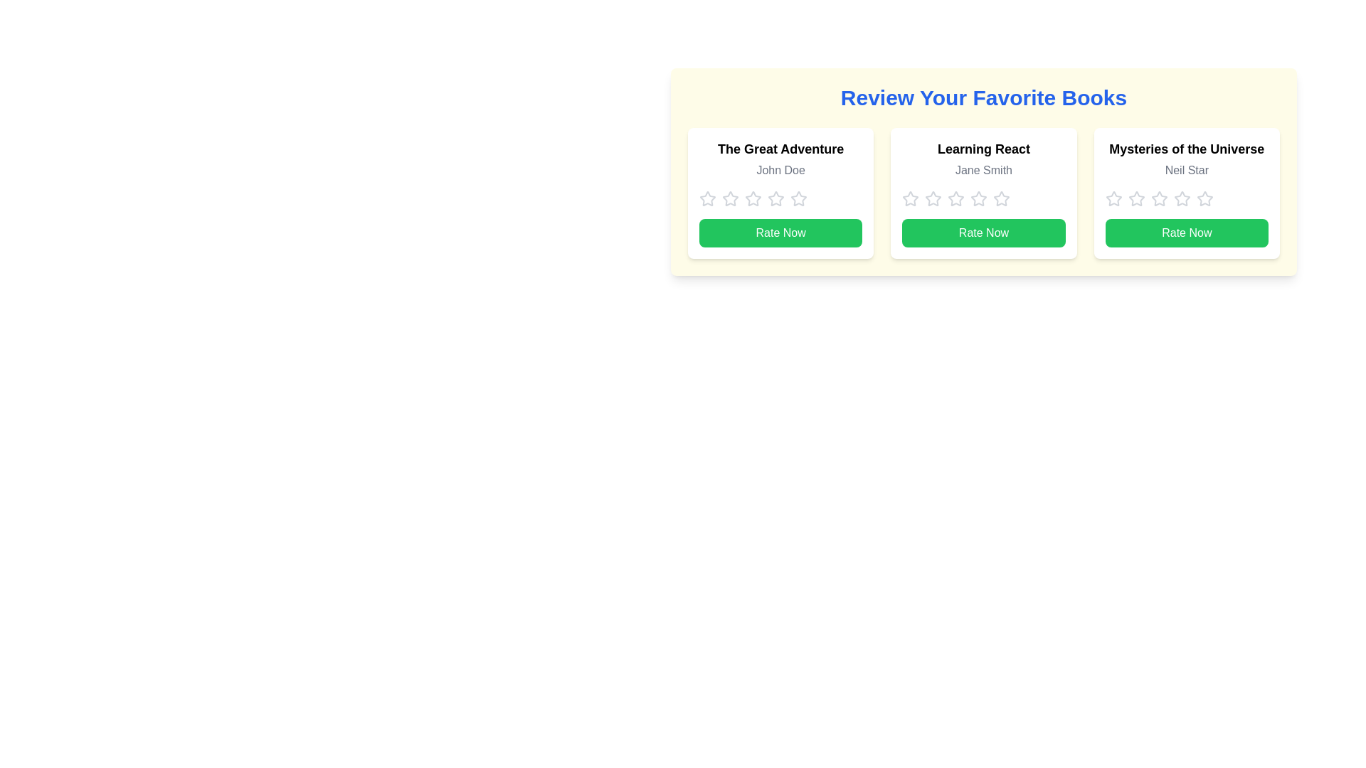 The image size is (1366, 768). I want to click on the fourth star icon in the 5-star rating system under 'Review Your Favorite Books' section for 'The Great Adventure' by John Doe to rate it 4 stars, so click(753, 199).